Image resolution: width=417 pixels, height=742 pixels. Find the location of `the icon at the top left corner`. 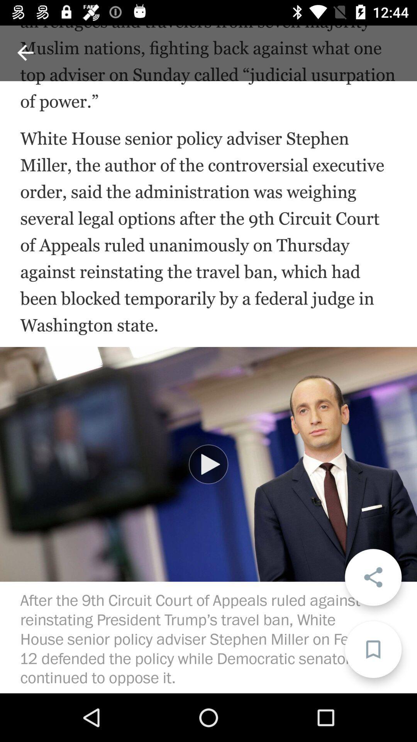

the icon at the top left corner is located at coordinates (25, 52).